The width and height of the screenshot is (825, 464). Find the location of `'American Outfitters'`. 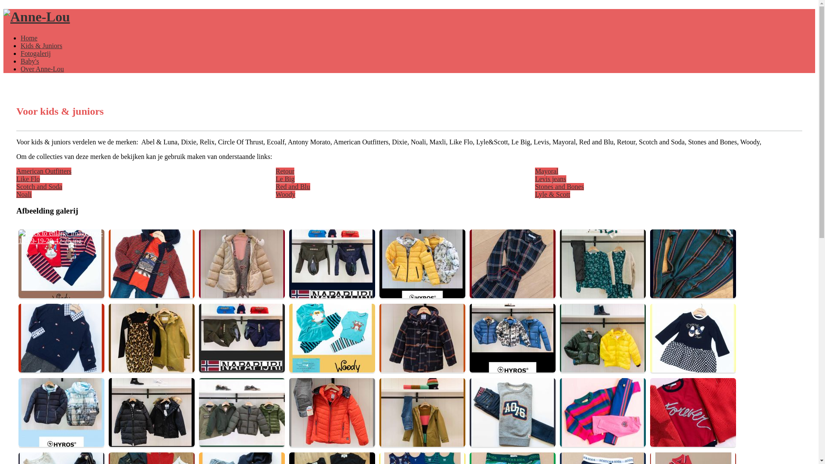

'American Outfitters' is located at coordinates (43, 171).